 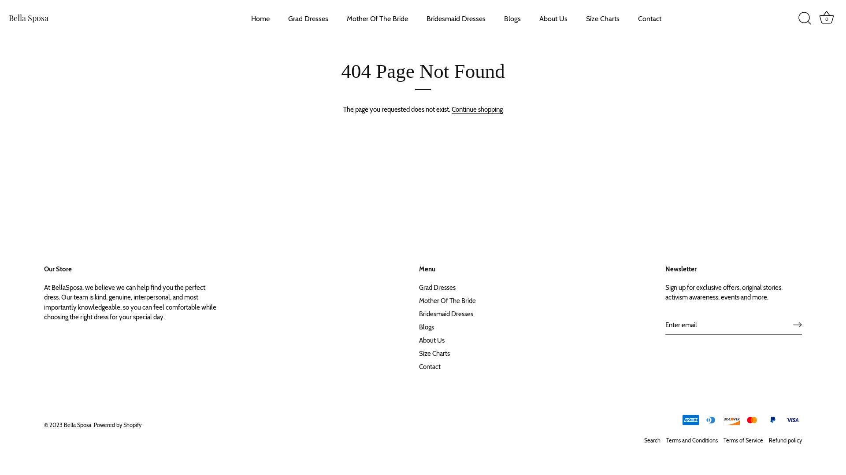 I want to click on 'Refund policy', so click(x=768, y=440).